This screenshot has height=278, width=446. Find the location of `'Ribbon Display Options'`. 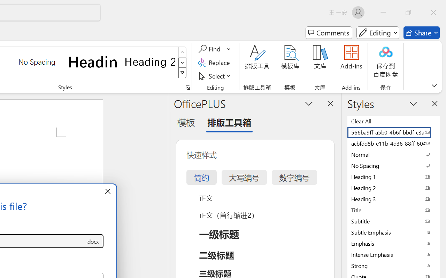

'Ribbon Display Options' is located at coordinates (434, 85).